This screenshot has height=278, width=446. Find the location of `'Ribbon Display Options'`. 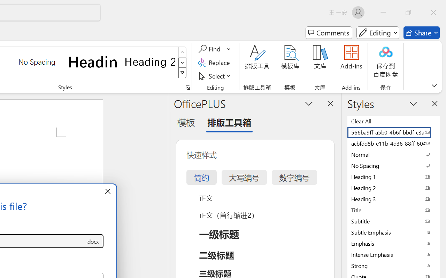

'Ribbon Display Options' is located at coordinates (434, 85).